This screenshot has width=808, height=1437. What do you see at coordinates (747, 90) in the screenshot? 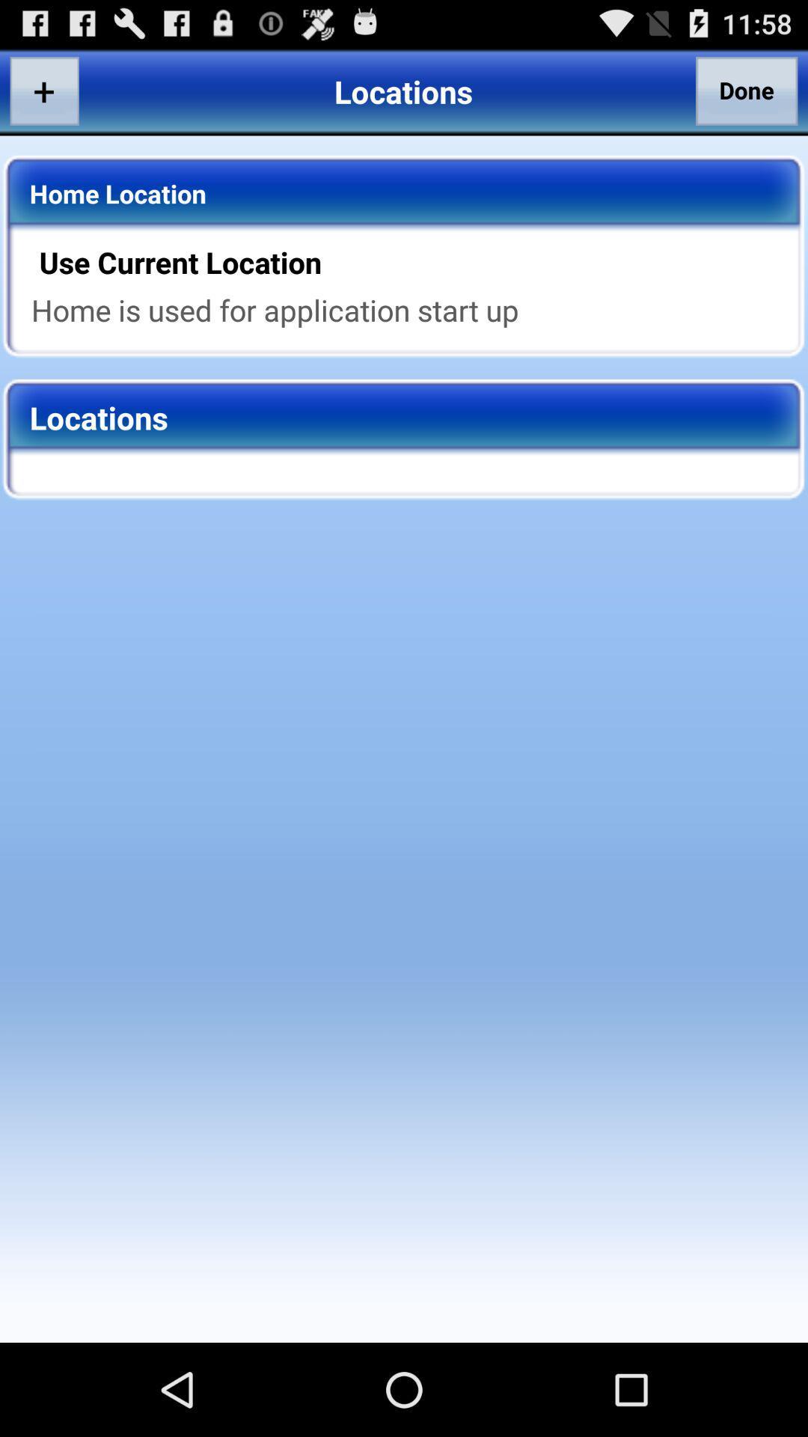
I see `app next to locations` at bounding box center [747, 90].